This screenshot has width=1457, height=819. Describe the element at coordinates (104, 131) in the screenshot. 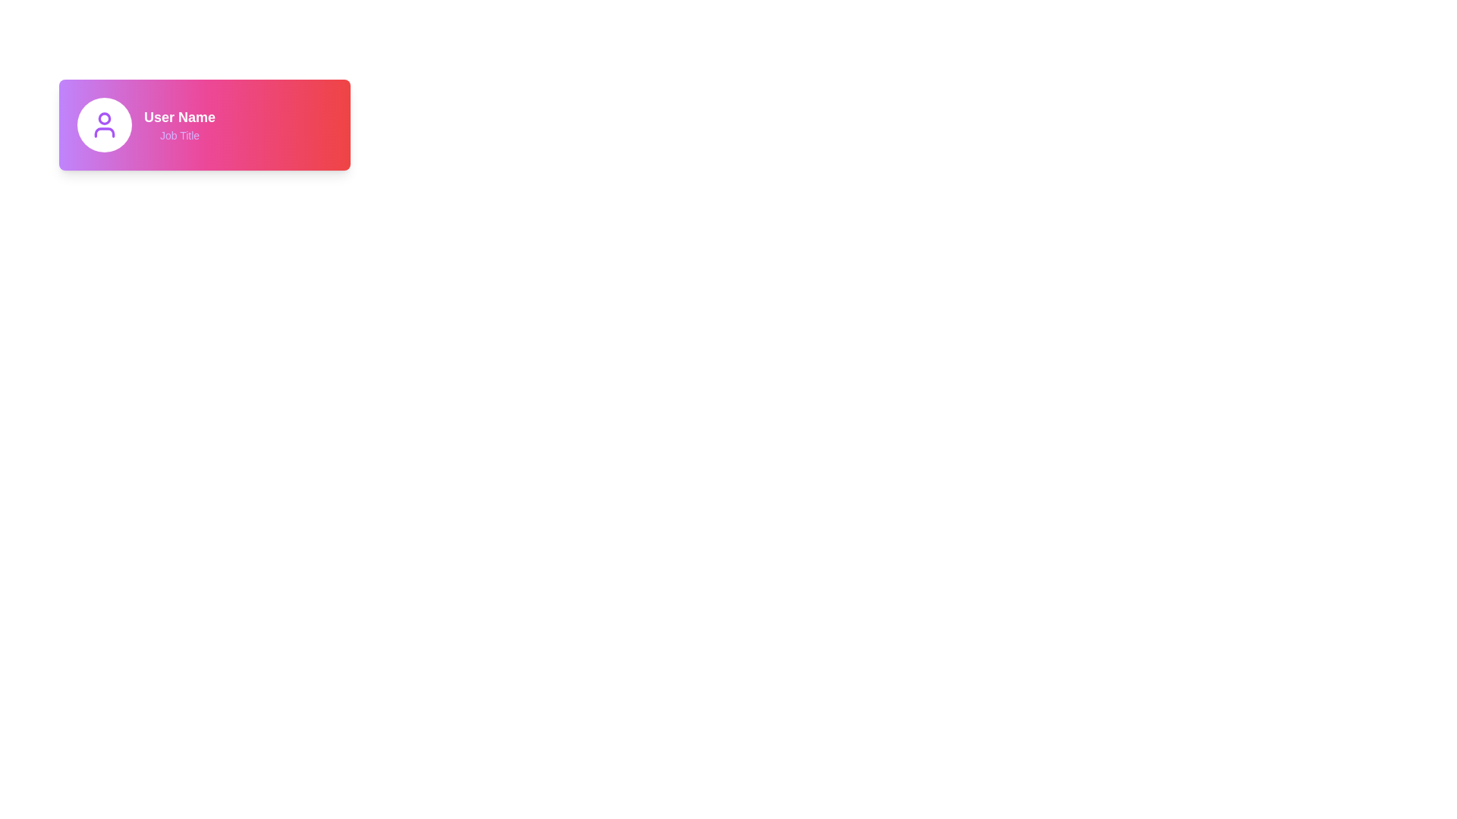

I see `the decorative graphical element representing the user's shoulders in the user icon, located directly below the head element in the profile card` at that location.